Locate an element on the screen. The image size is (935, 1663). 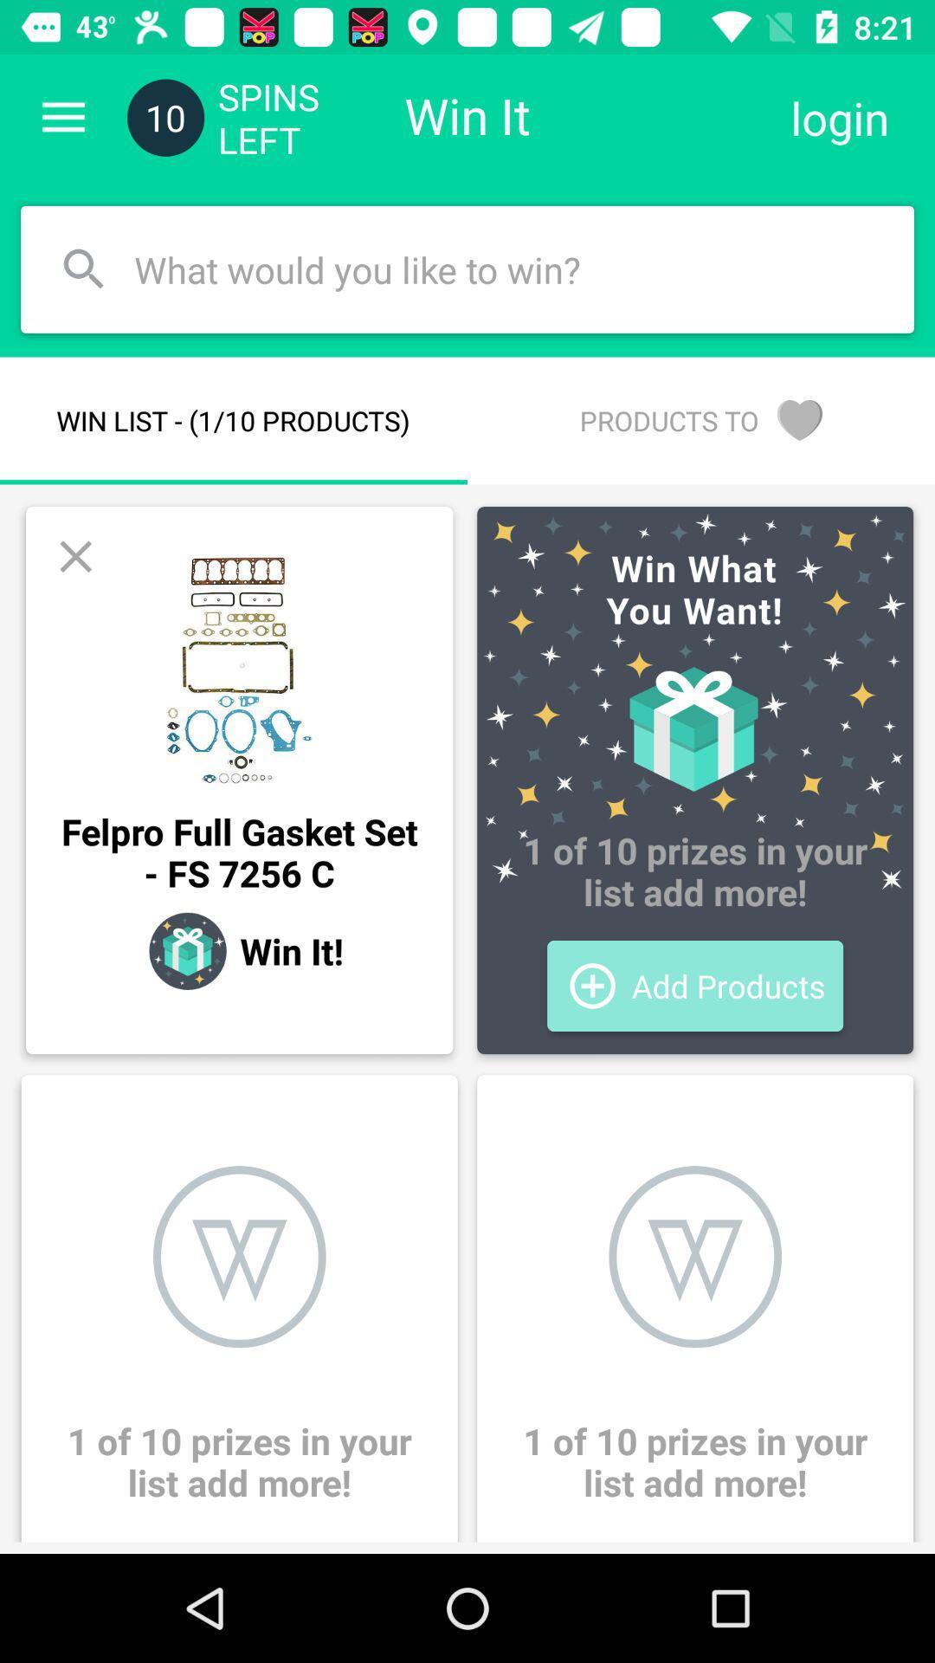
item next to the 10 icon is located at coordinates (62, 117).